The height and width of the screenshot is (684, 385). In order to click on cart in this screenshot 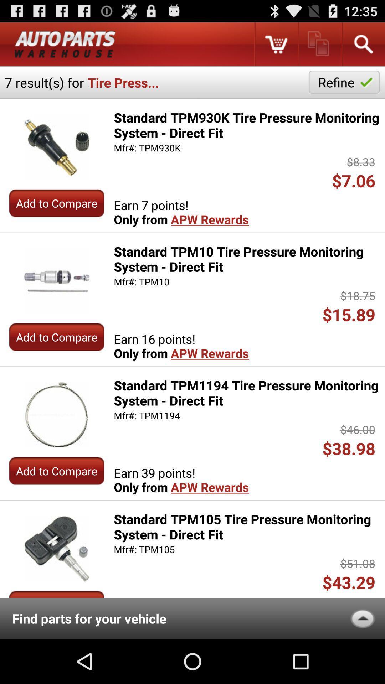, I will do `click(276, 44)`.